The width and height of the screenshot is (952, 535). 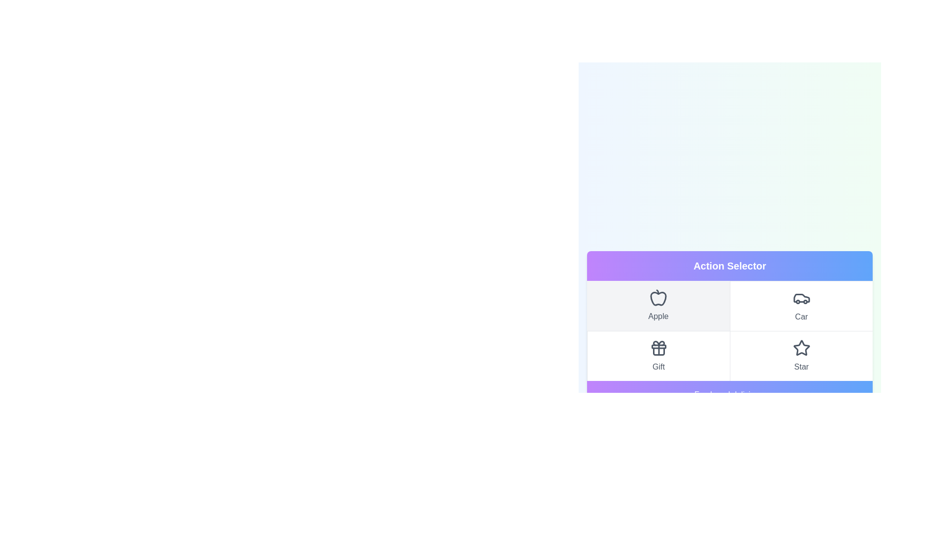 I want to click on the horizontal decorative bar within the gift icon located in the lower-left section of the grid, positioned between the Apple icon above and the Star icon to the right, so click(x=658, y=346).